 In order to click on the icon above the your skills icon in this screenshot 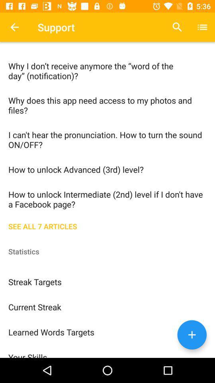, I will do `click(107, 332)`.